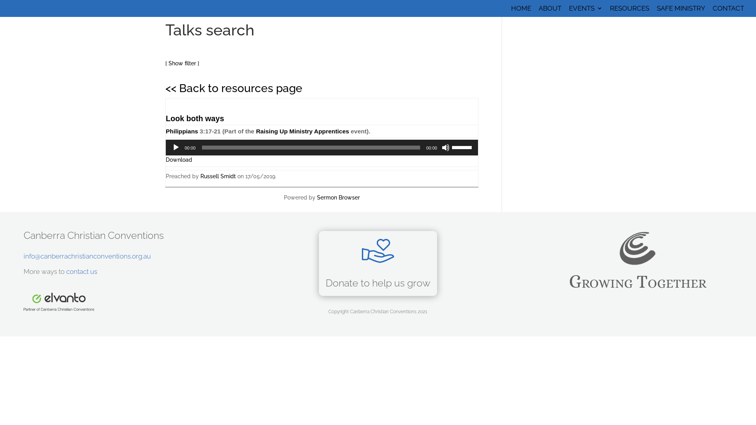  I want to click on 'Philippians', so click(181, 131).